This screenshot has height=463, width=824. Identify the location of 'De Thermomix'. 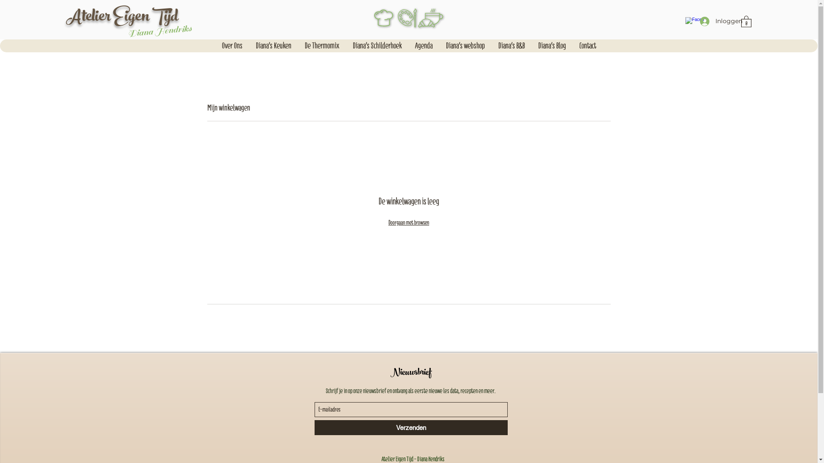
(298, 46).